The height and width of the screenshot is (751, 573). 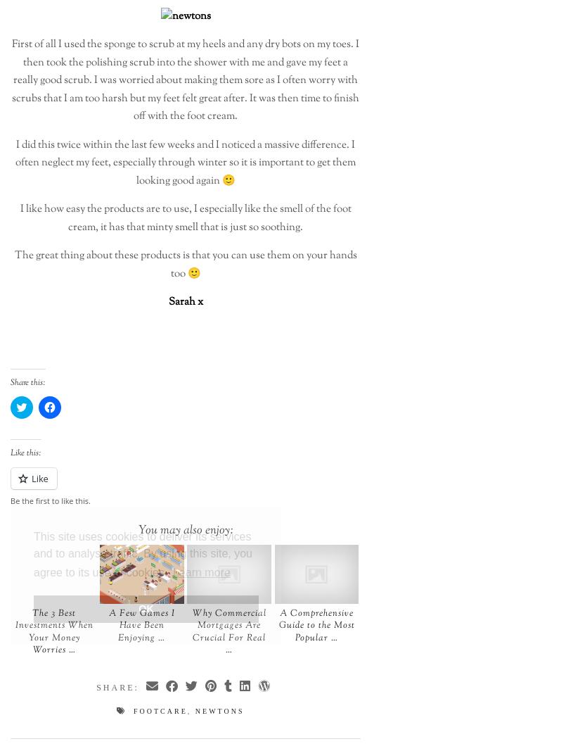 I want to click on 'newtons', so click(x=218, y=711).